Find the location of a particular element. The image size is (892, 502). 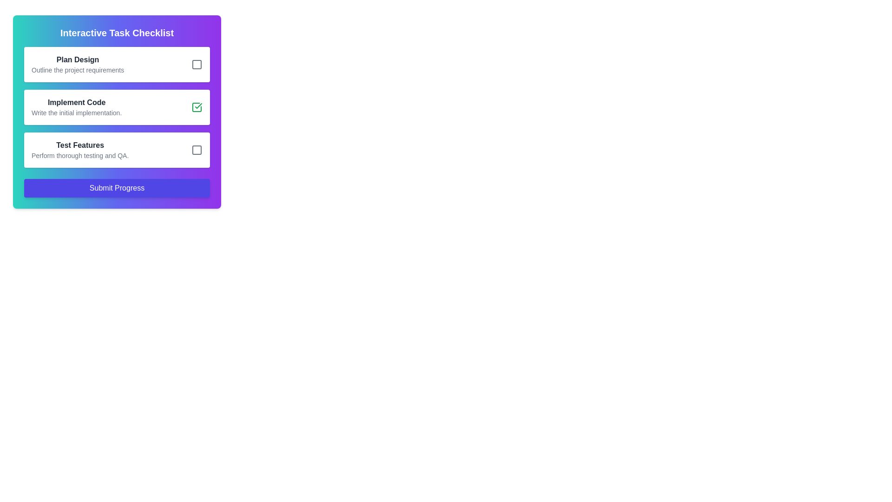

the submission button located at the bottom of the task checklist is located at coordinates (117, 188).